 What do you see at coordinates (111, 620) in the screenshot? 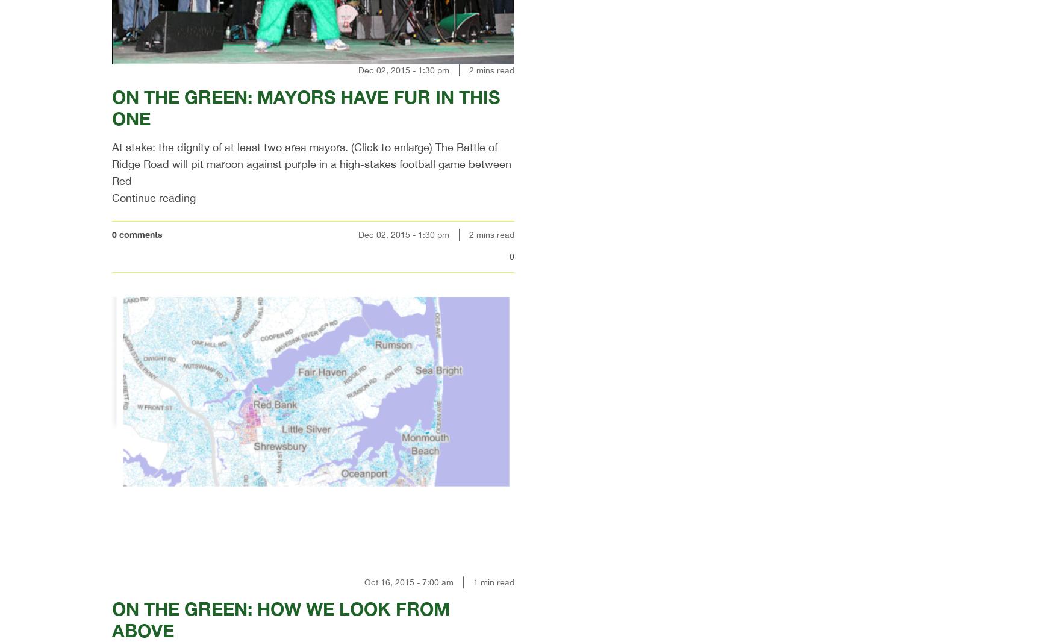
I see `'ON THE GREEN: HOW WE LOOK FROM ABOVE'` at bounding box center [111, 620].